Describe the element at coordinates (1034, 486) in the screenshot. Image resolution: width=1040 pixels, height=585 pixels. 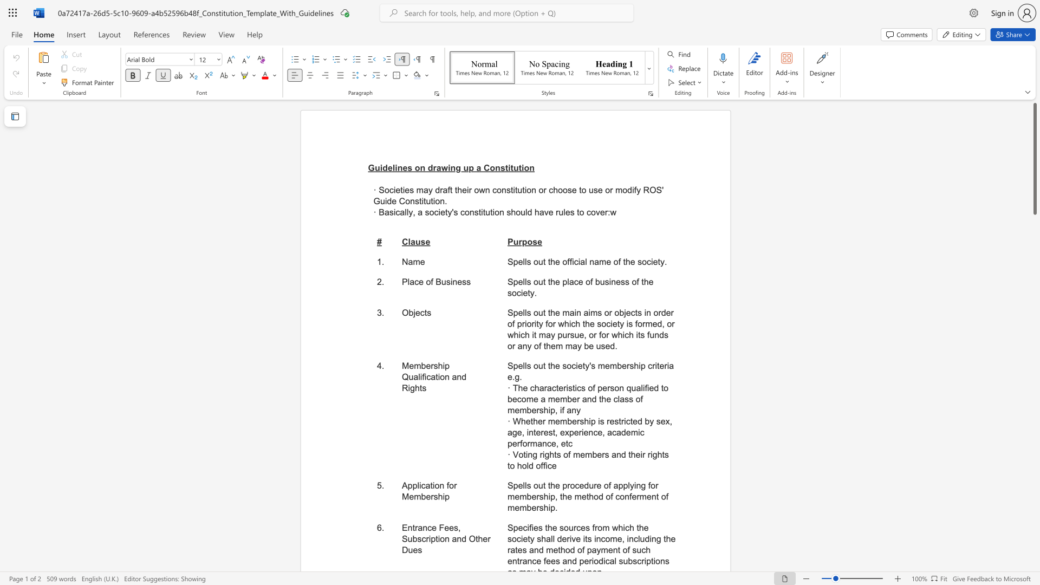
I see `the page's right scrollbar for downward movement` at that location.